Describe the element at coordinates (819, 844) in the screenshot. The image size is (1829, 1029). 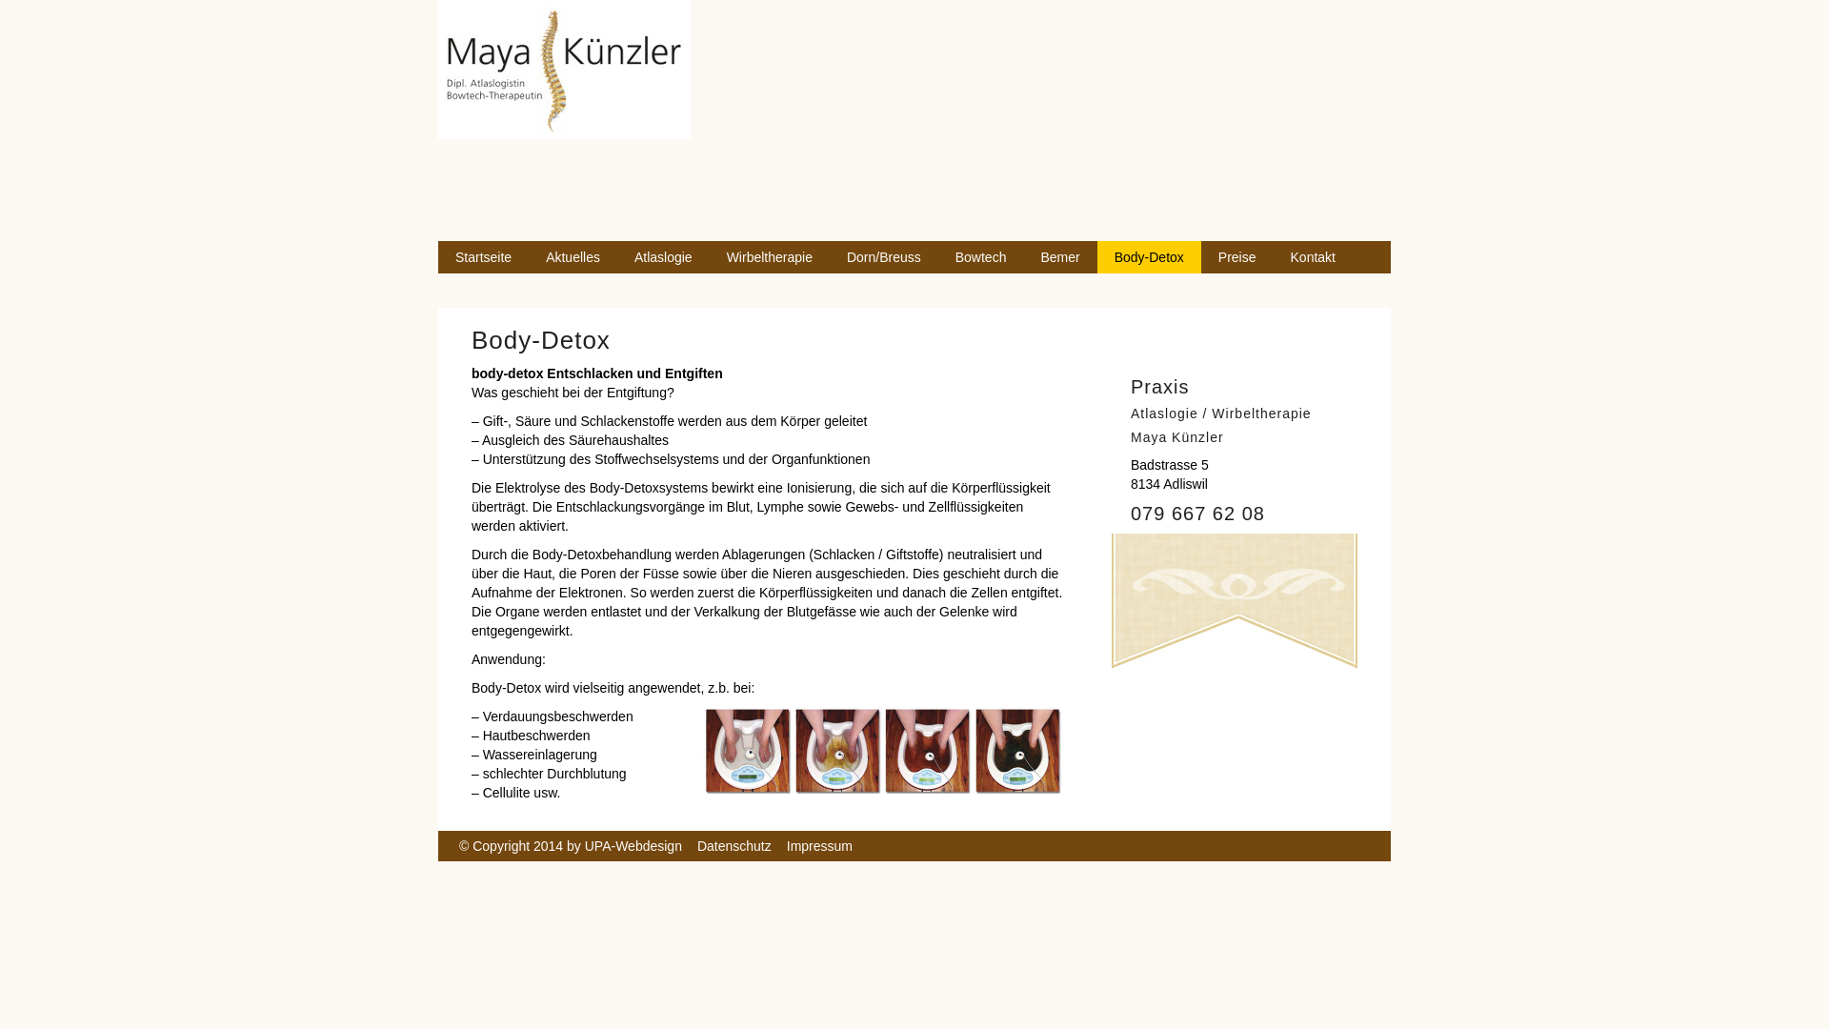
I see `'Impressum'` at that location.